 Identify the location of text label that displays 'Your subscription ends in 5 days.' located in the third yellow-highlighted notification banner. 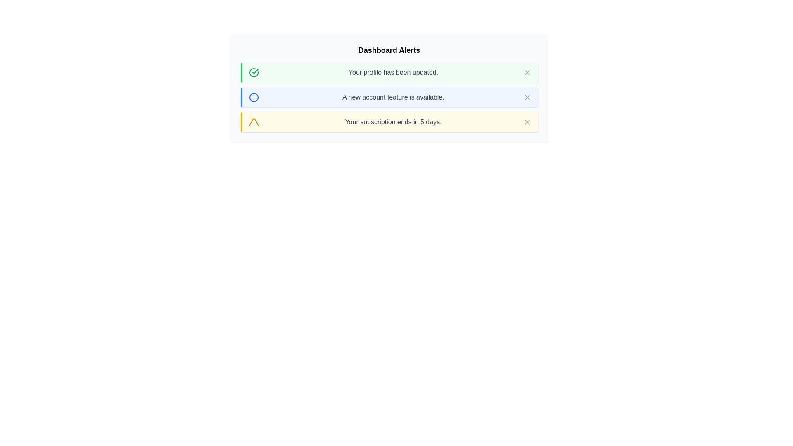
(393, 122).